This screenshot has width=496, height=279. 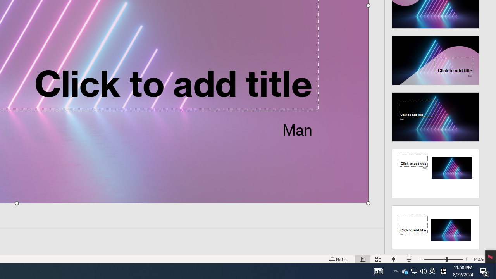 What do you see at coordinates (478, 259) in the screenshot?
I see `'Zoom 142%'` at bounding box center [478, 259].